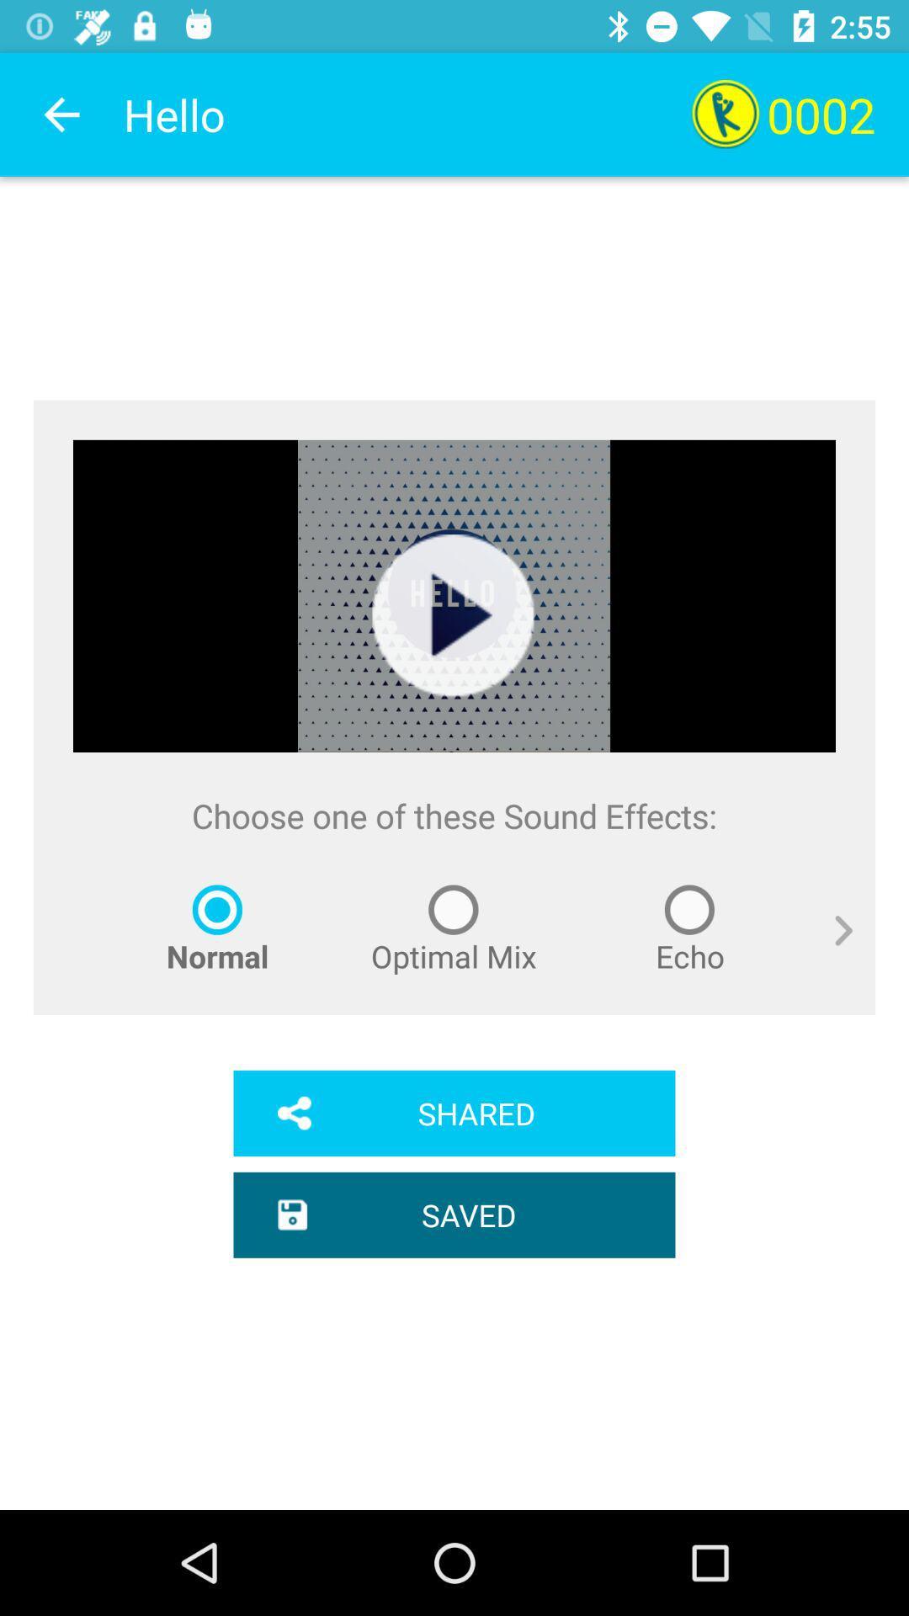  What do you see at coordinates (454, 1114) in the screenshot?
I see `the item below normal icon` at bounding box center [454, 1114].